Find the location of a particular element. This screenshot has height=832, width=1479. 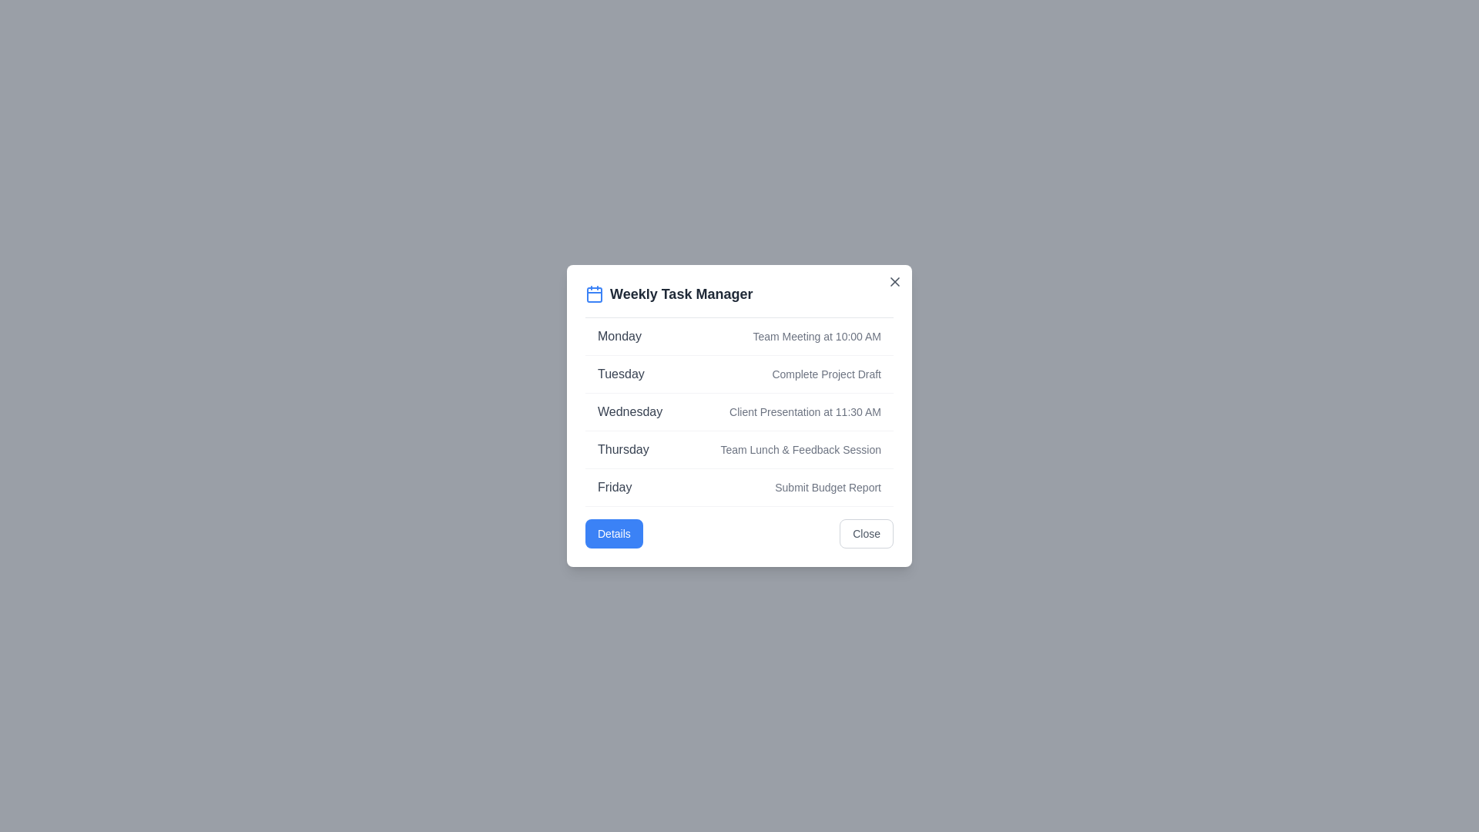

the 'Details' button to view the detailed schedule is located at coordinates (612, 533).